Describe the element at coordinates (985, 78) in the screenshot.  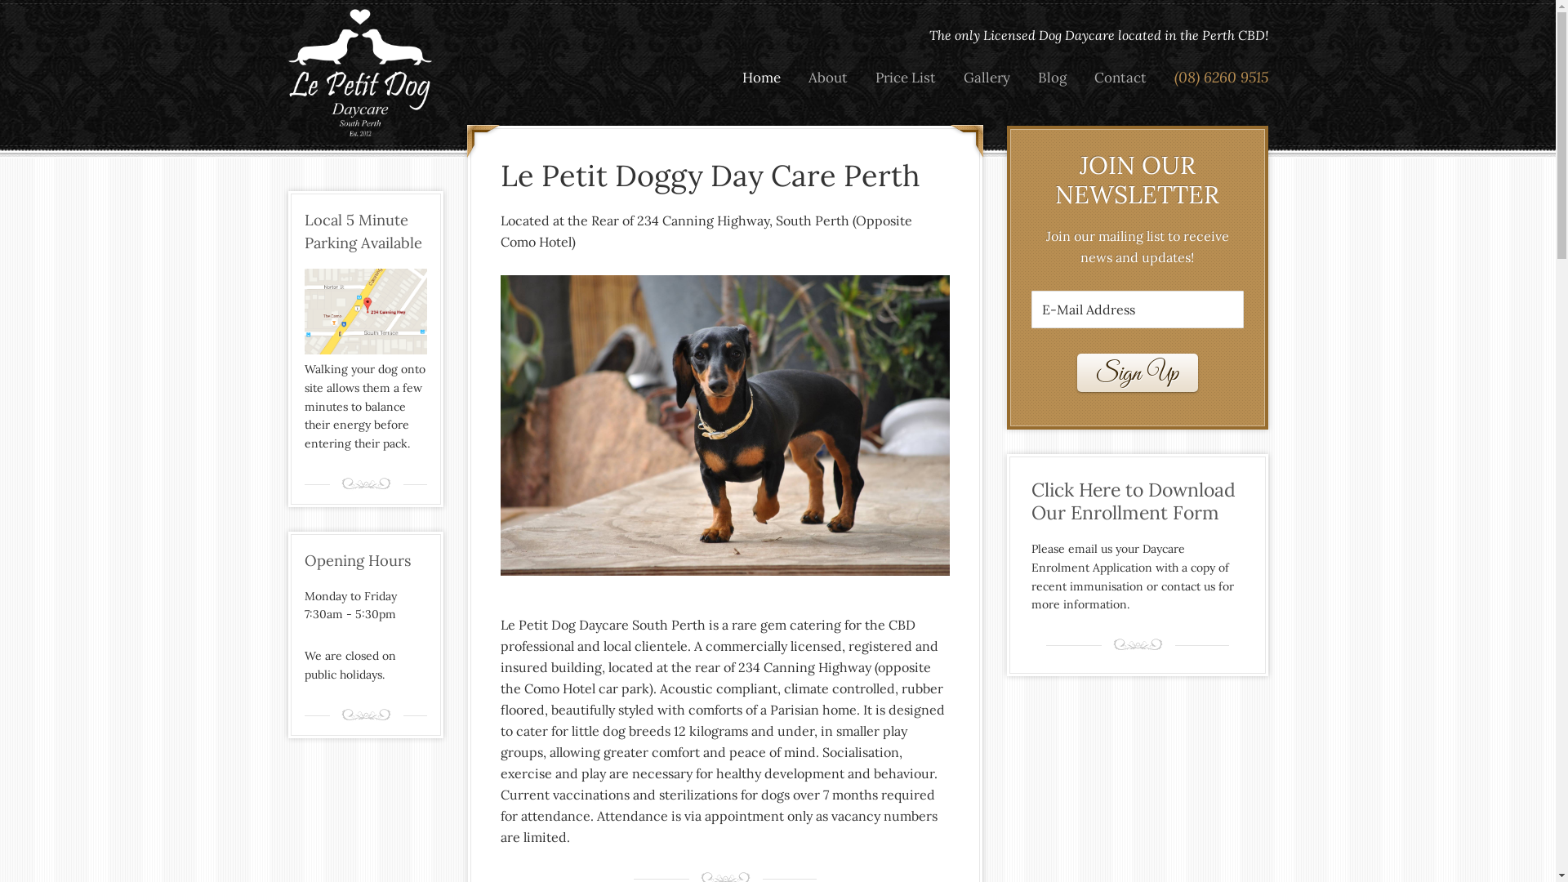
I see `'Gallery'` at that location.